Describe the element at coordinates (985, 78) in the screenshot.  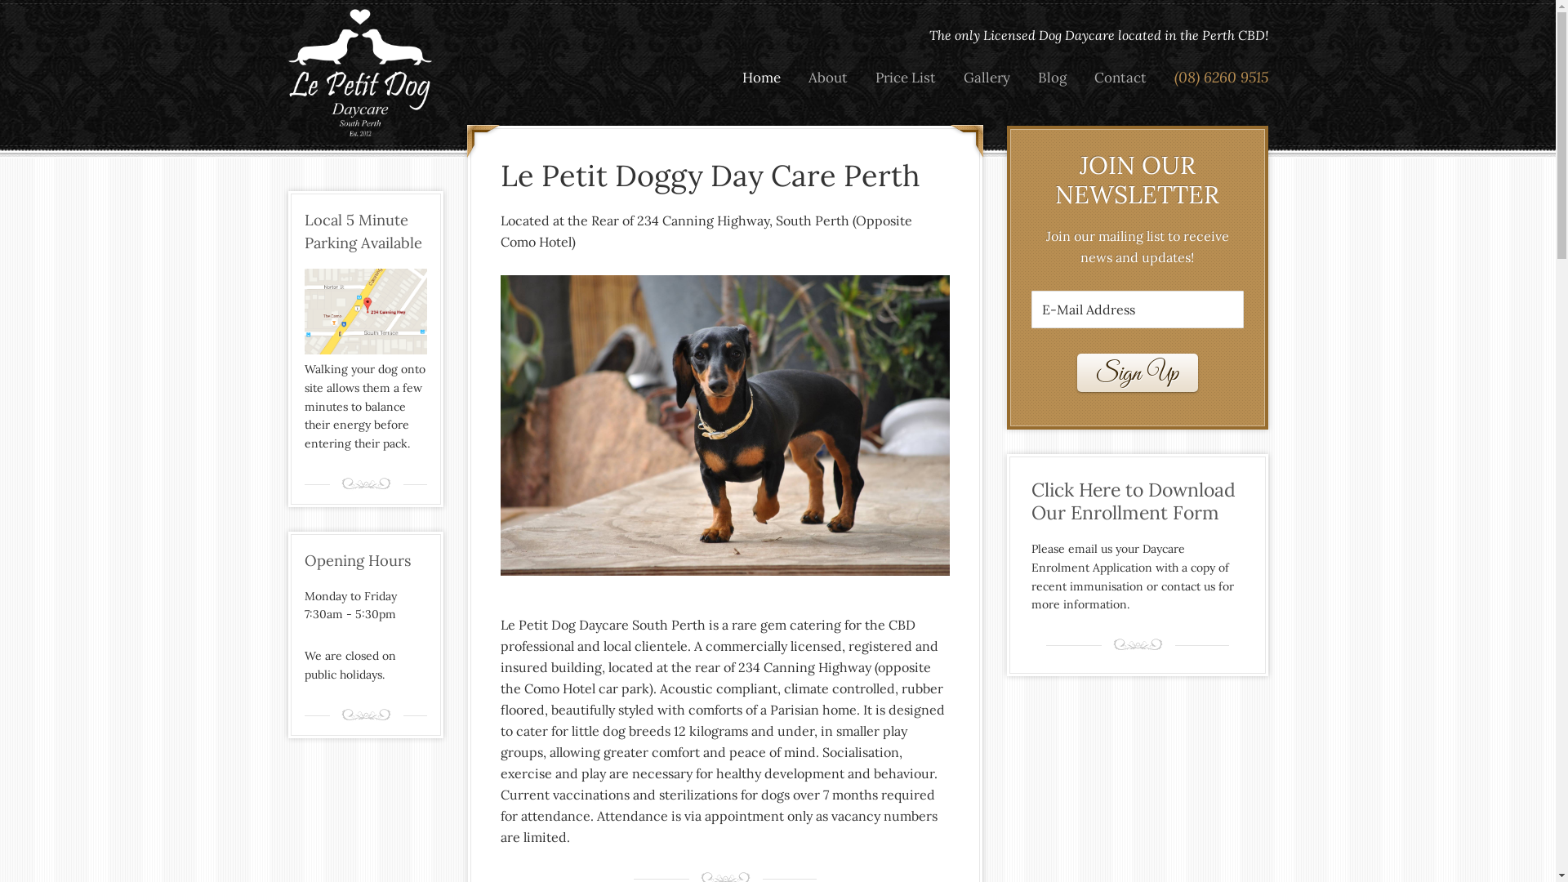
I see `'Gallery'` at that location.